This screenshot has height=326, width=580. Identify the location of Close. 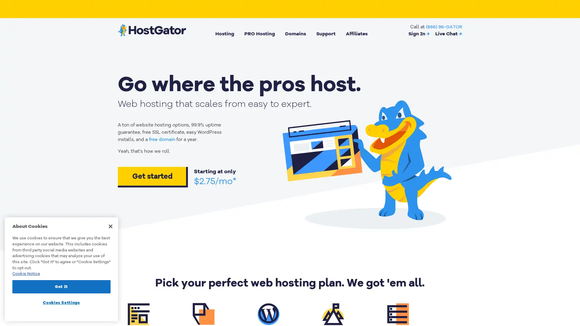
(110, 226).